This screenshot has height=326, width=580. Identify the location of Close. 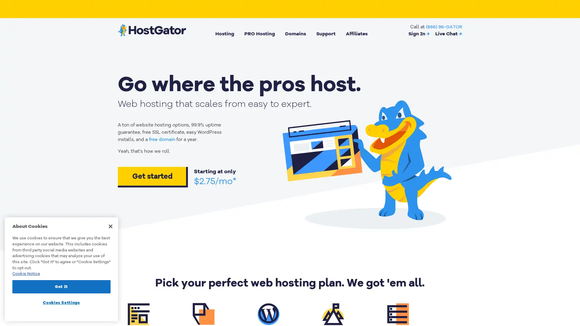
(110, 226).